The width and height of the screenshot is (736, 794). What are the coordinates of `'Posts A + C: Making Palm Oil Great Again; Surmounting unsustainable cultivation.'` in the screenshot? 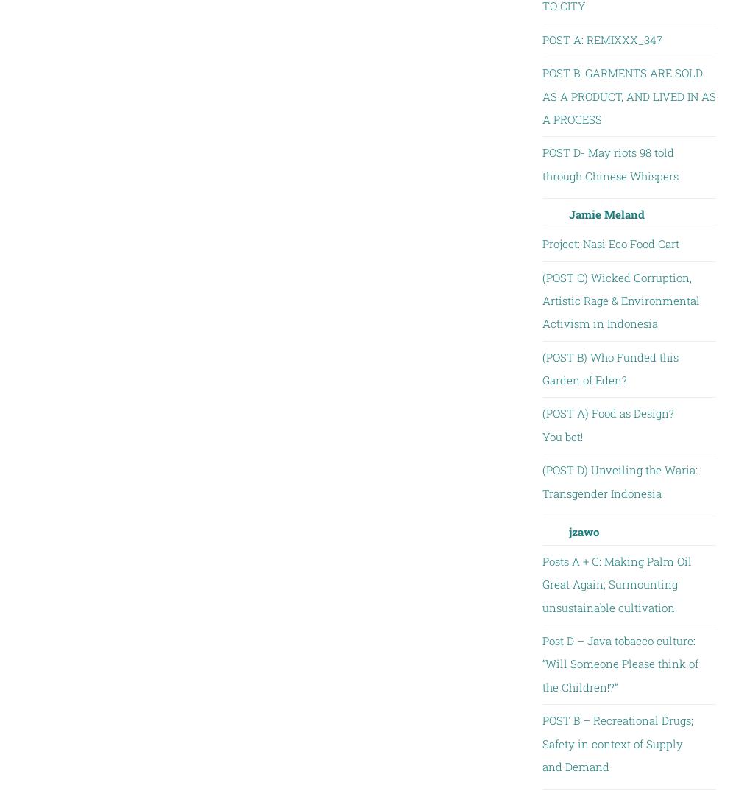 It's located at (615, 583).